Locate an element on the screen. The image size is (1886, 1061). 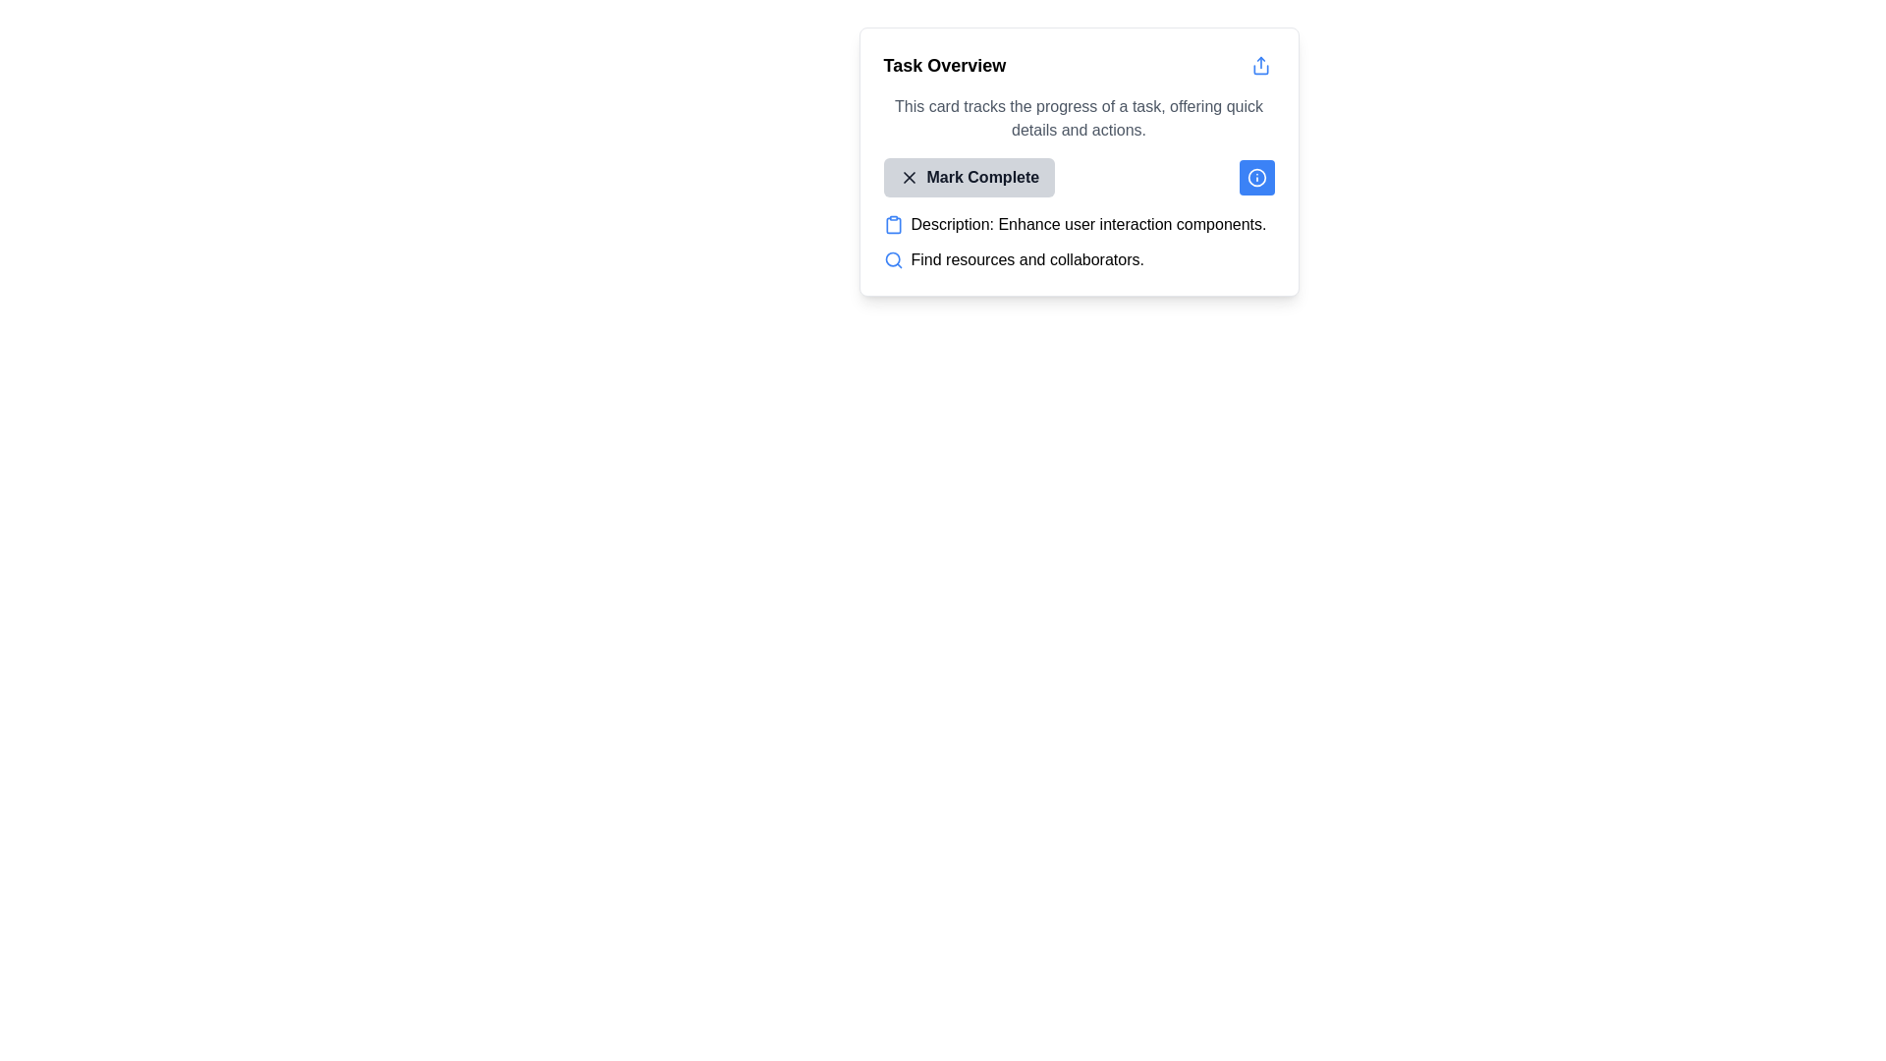
the 'Mark Complete' button with a light gray background and black text is located at coordinates (969, 178).